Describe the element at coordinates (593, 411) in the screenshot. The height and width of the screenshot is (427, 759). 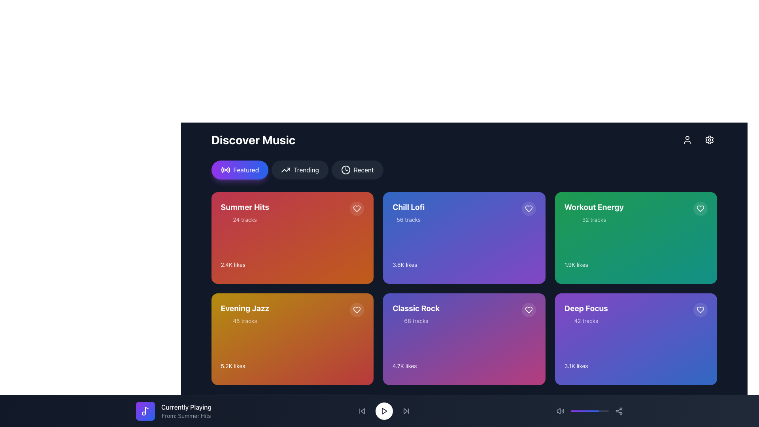
I see `volume level` at that location.